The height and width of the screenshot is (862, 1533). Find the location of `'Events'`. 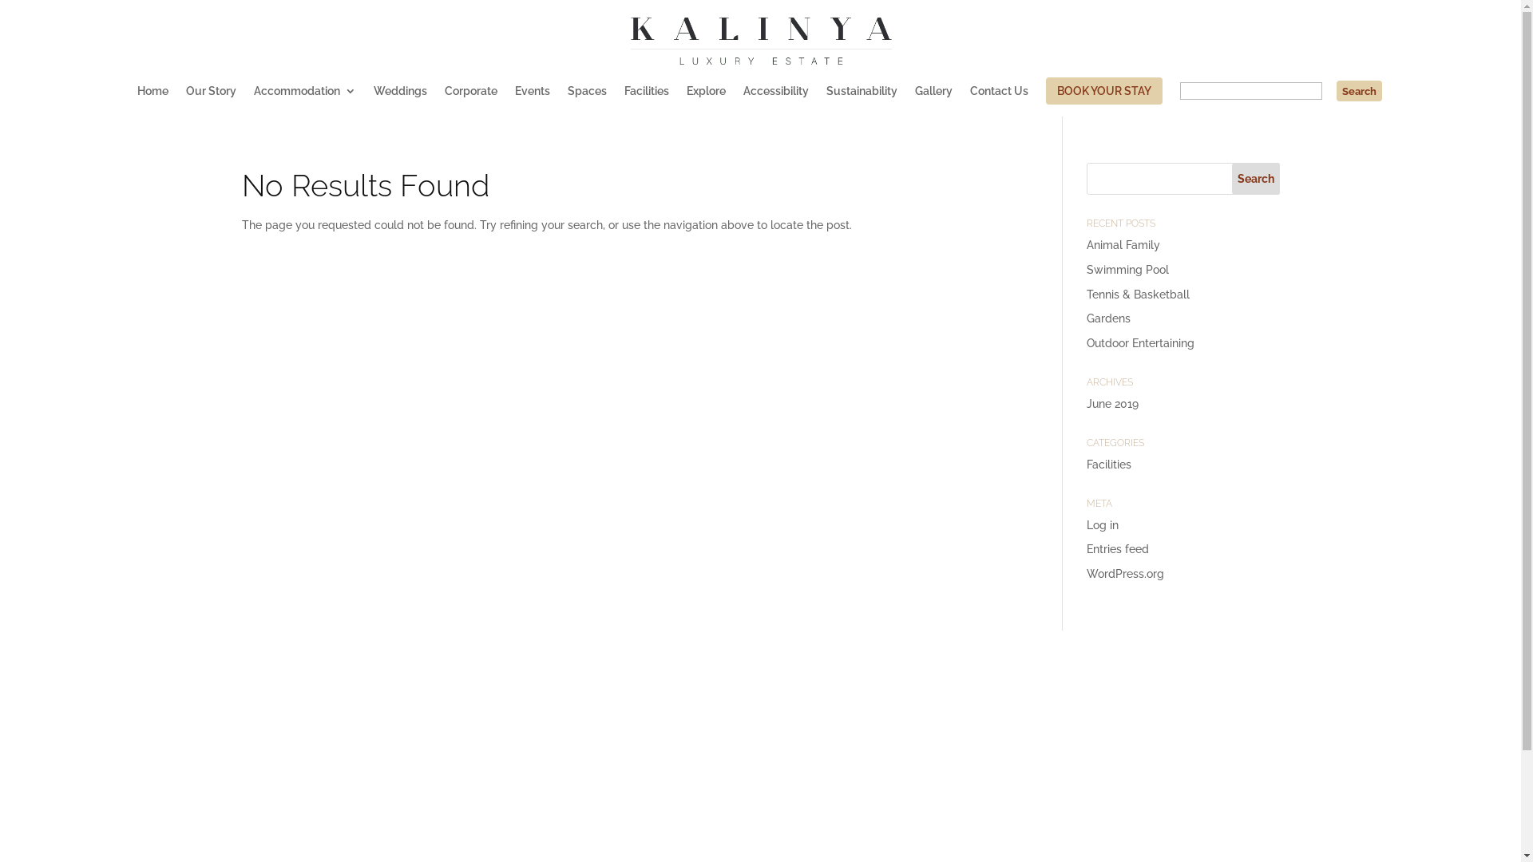

'Events' is located at coordinates (533, 98).